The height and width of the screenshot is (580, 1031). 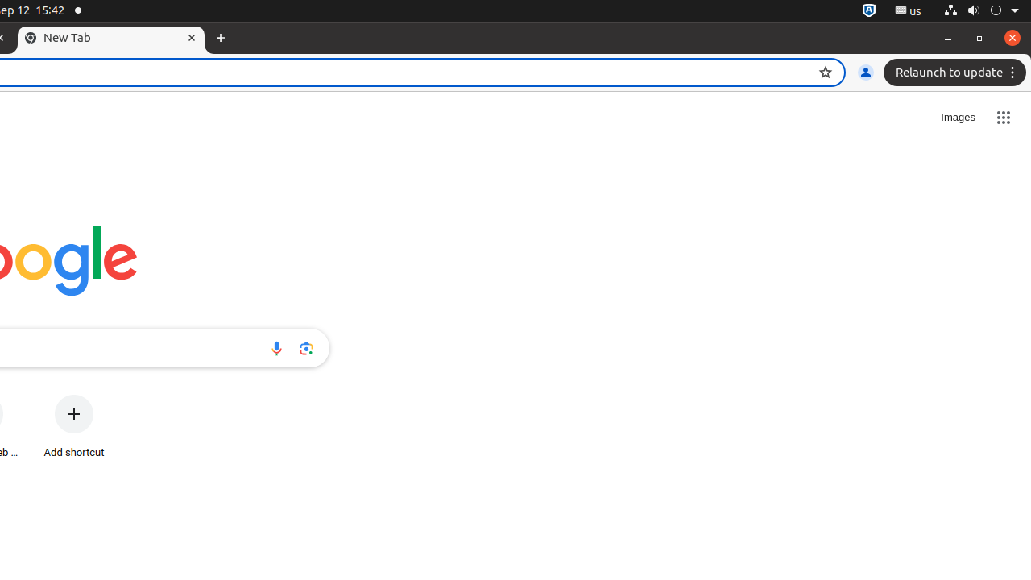 I want to click on 'Google apps', so click(x=1002, y=117).